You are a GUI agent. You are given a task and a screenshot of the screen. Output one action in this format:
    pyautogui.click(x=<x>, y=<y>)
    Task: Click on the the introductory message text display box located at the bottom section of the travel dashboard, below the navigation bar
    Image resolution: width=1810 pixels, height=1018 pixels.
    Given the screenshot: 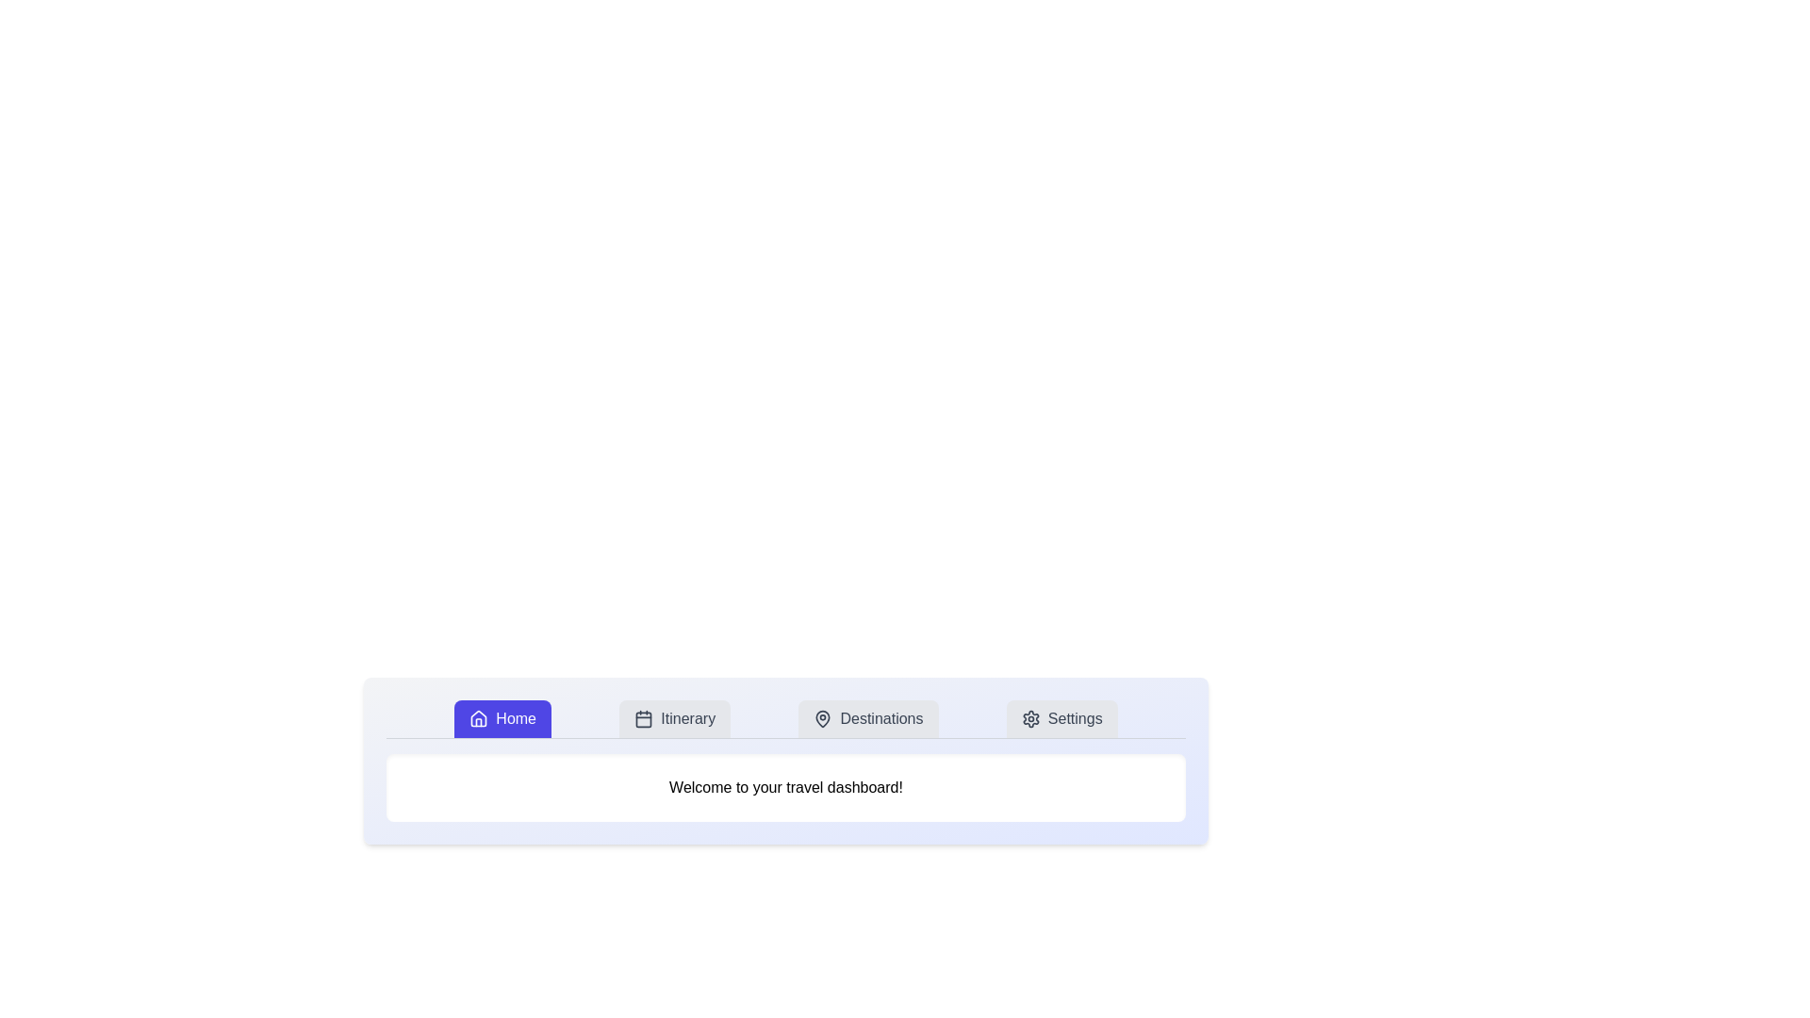 What is the action you would take?
    pyautogui.click(x=786, y=788)
    